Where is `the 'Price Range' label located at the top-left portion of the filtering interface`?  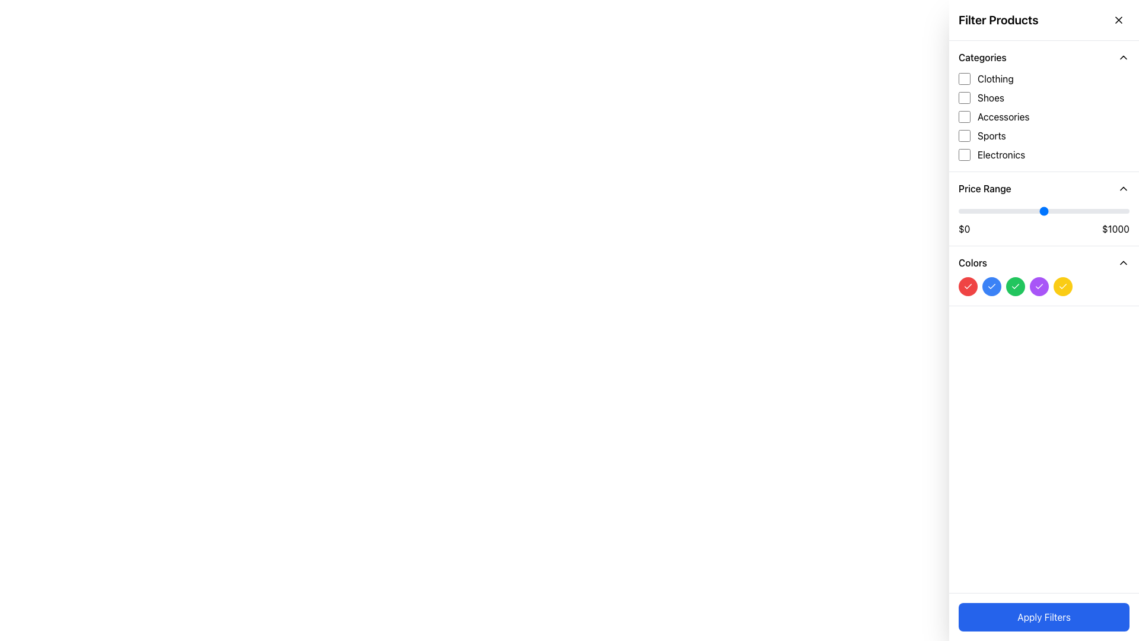 the 'Price Range' label located at the top-left portion of the filtering interface is located at coordinates (985, 188).